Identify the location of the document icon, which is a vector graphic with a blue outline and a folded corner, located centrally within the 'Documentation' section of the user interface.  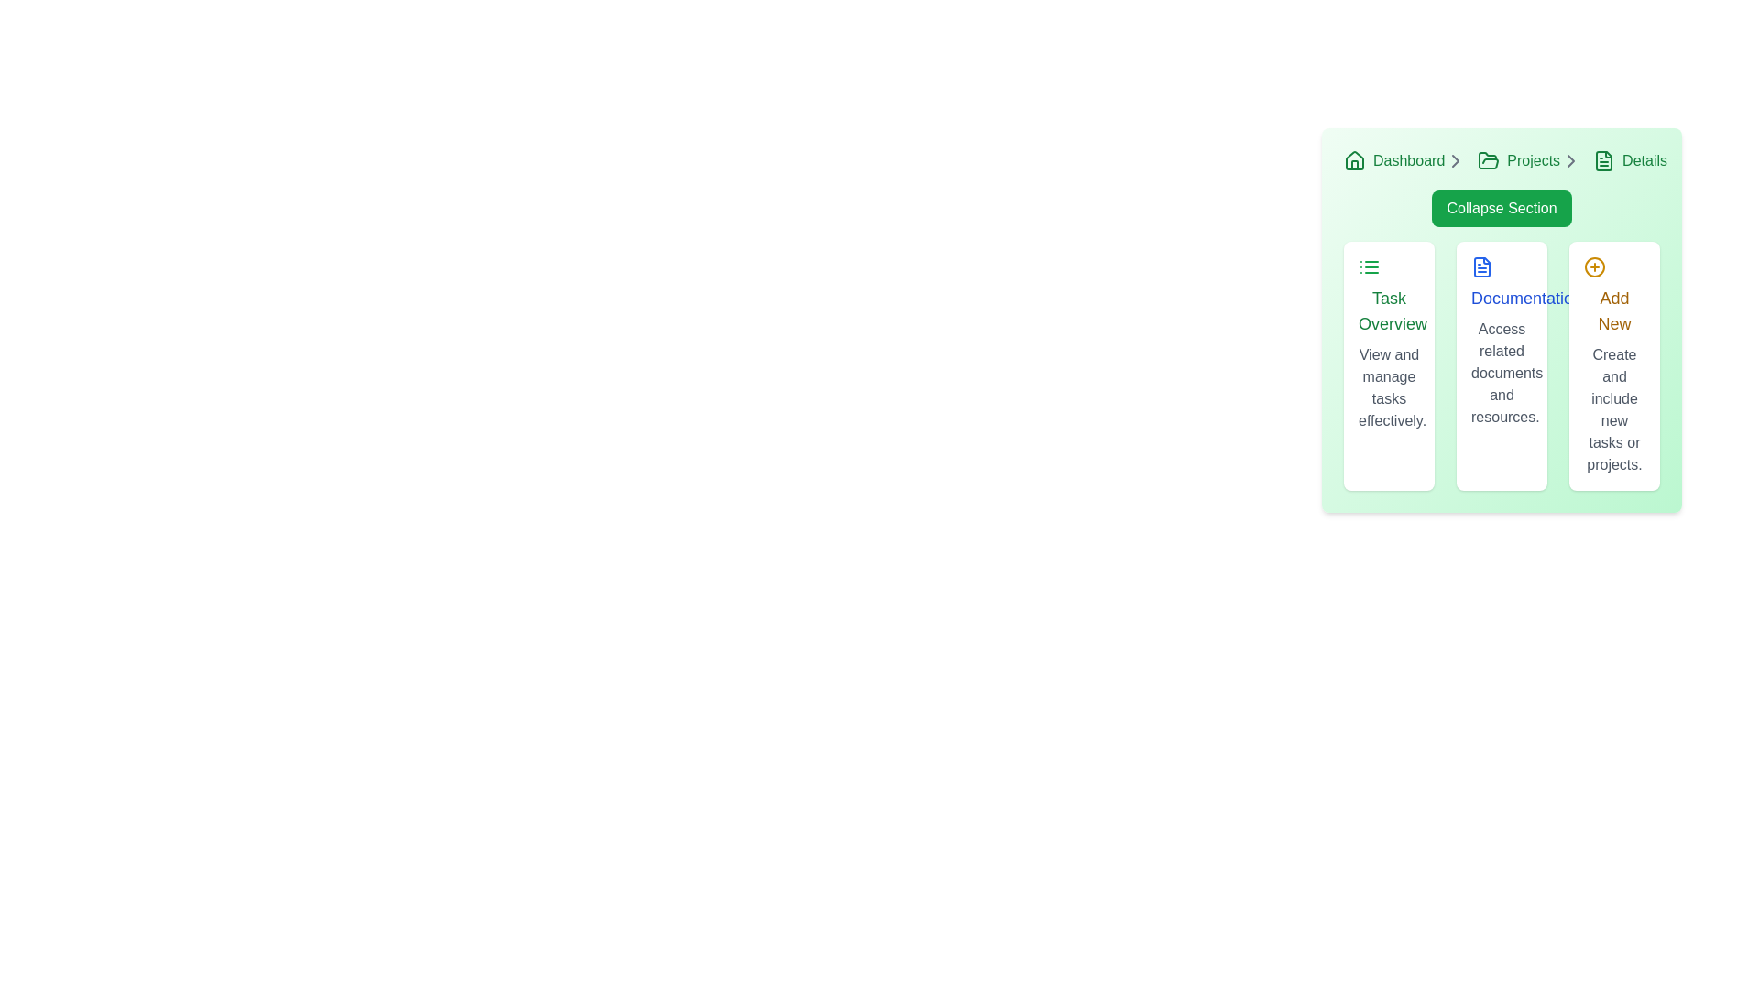
(1481, 267).